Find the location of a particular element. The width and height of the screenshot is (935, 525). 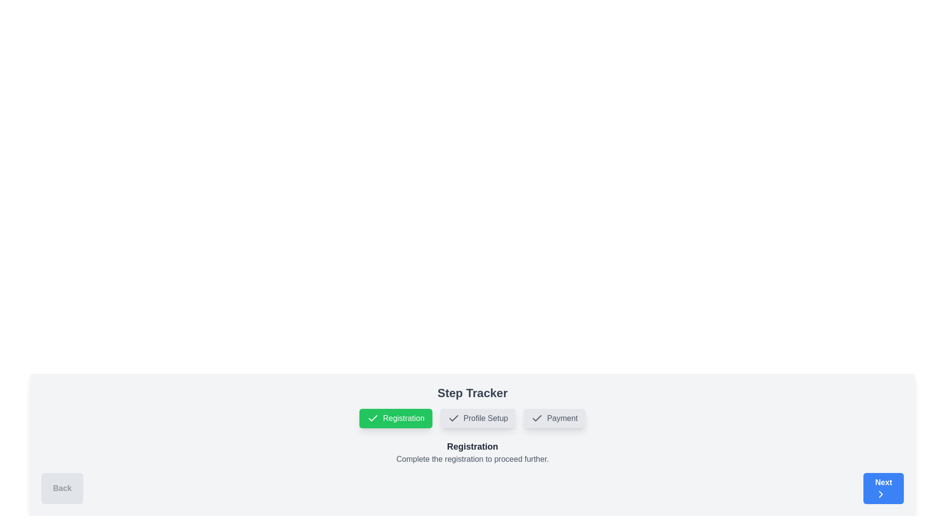

the checkmark icon indicating the completion of the 'Registration' step in the 'Step Tracker' component is located at coordinates (537, 418).